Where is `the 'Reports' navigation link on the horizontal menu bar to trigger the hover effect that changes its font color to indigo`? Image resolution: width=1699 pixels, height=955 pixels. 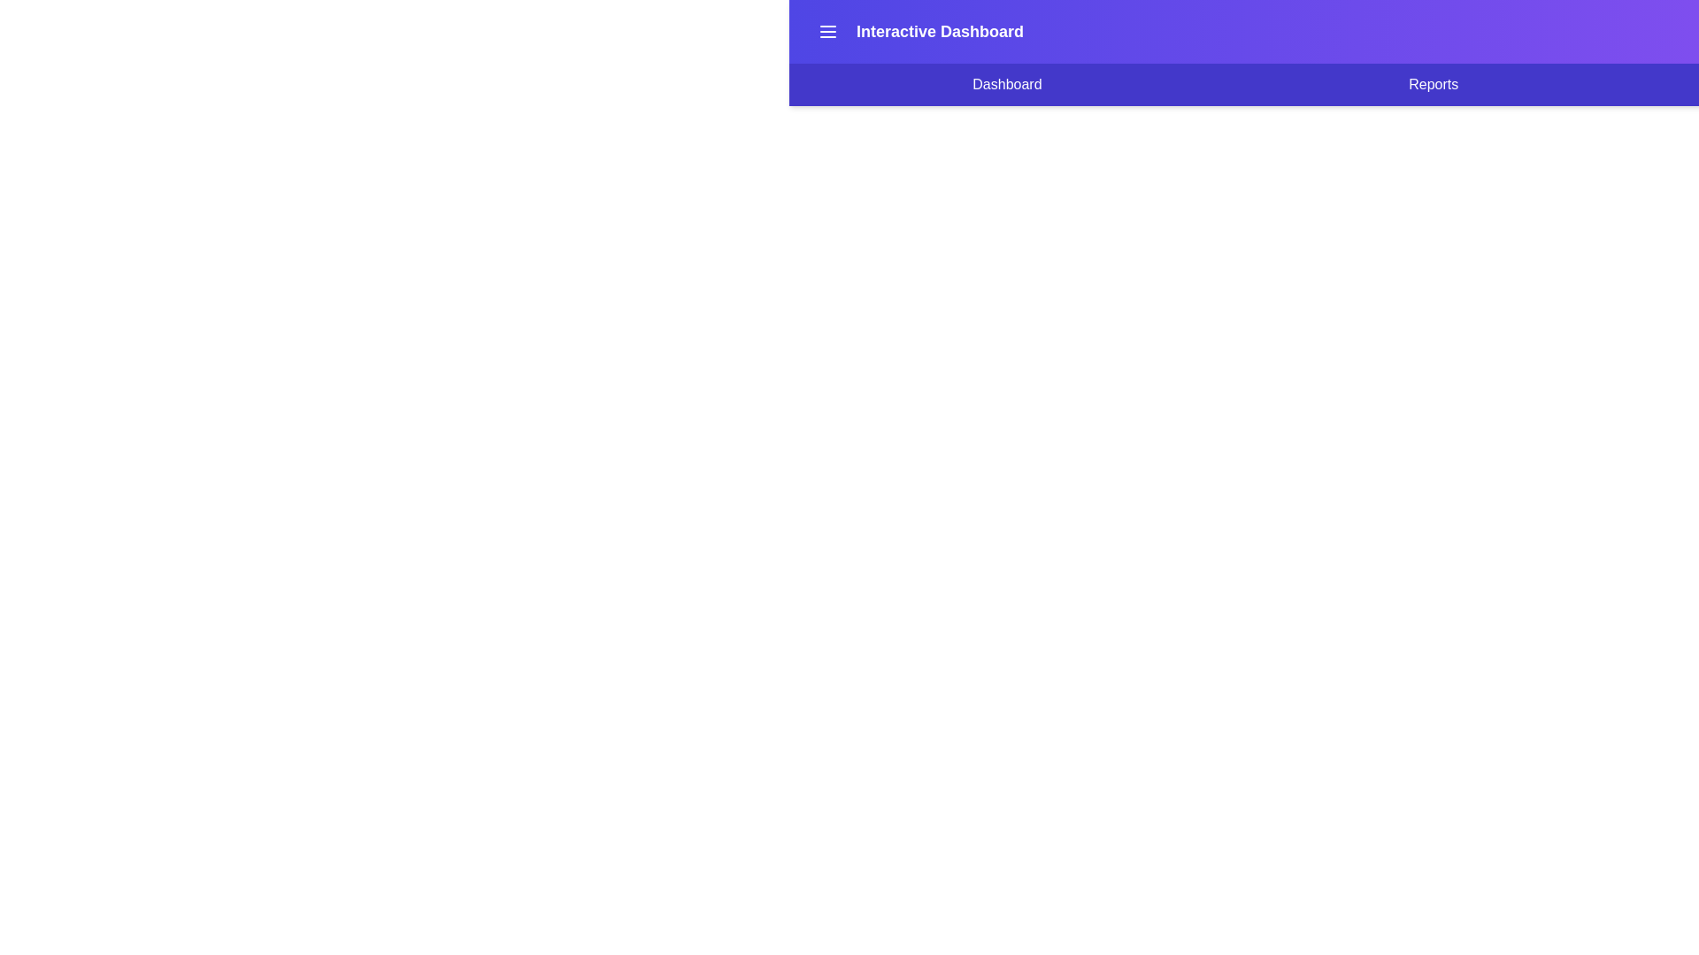
the 'Reports' navigation link on the horizontal menu bar to trigger the hover effect that changes its font color to indigo is located at coordinates (1434, 85).